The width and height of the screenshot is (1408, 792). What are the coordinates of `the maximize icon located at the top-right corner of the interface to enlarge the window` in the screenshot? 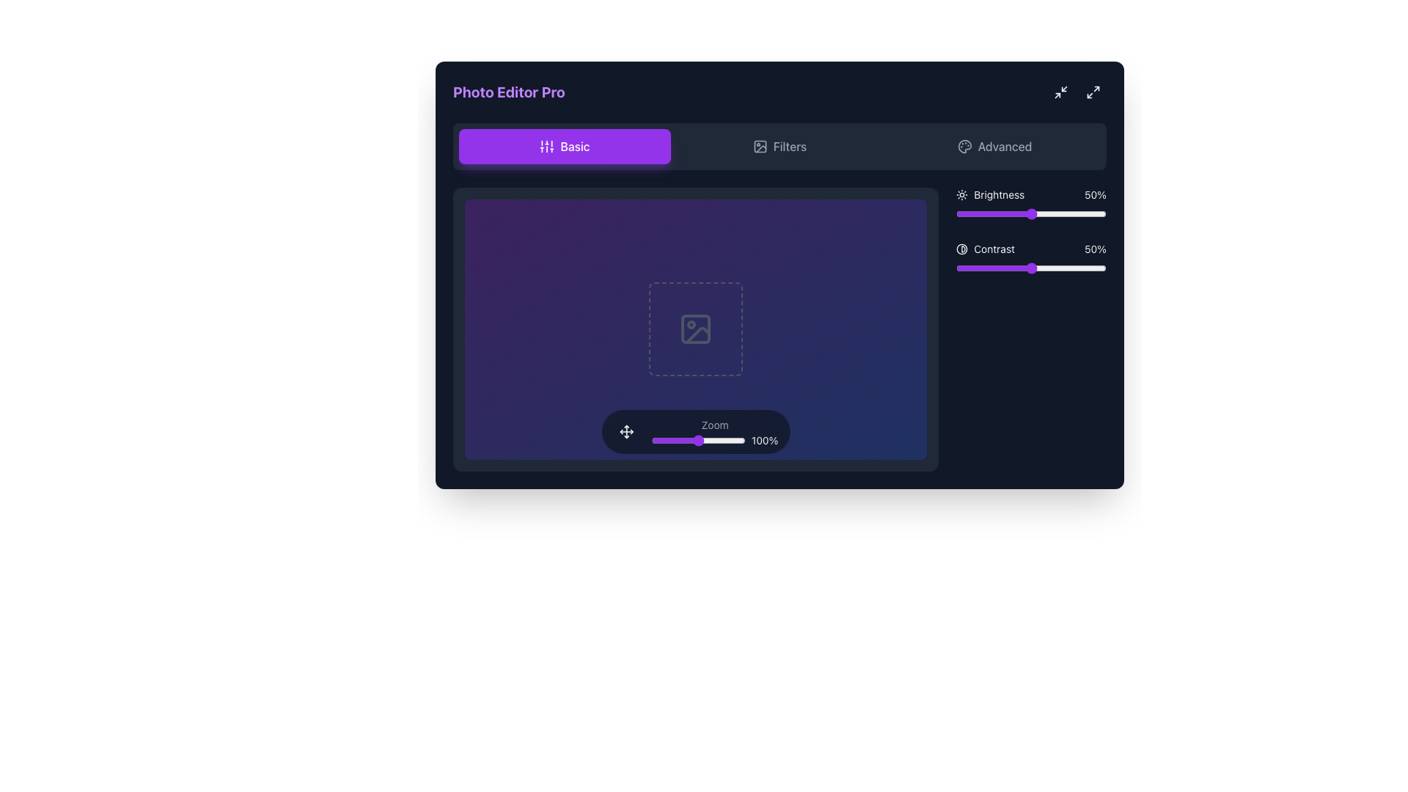 It's located at (1093, 92).